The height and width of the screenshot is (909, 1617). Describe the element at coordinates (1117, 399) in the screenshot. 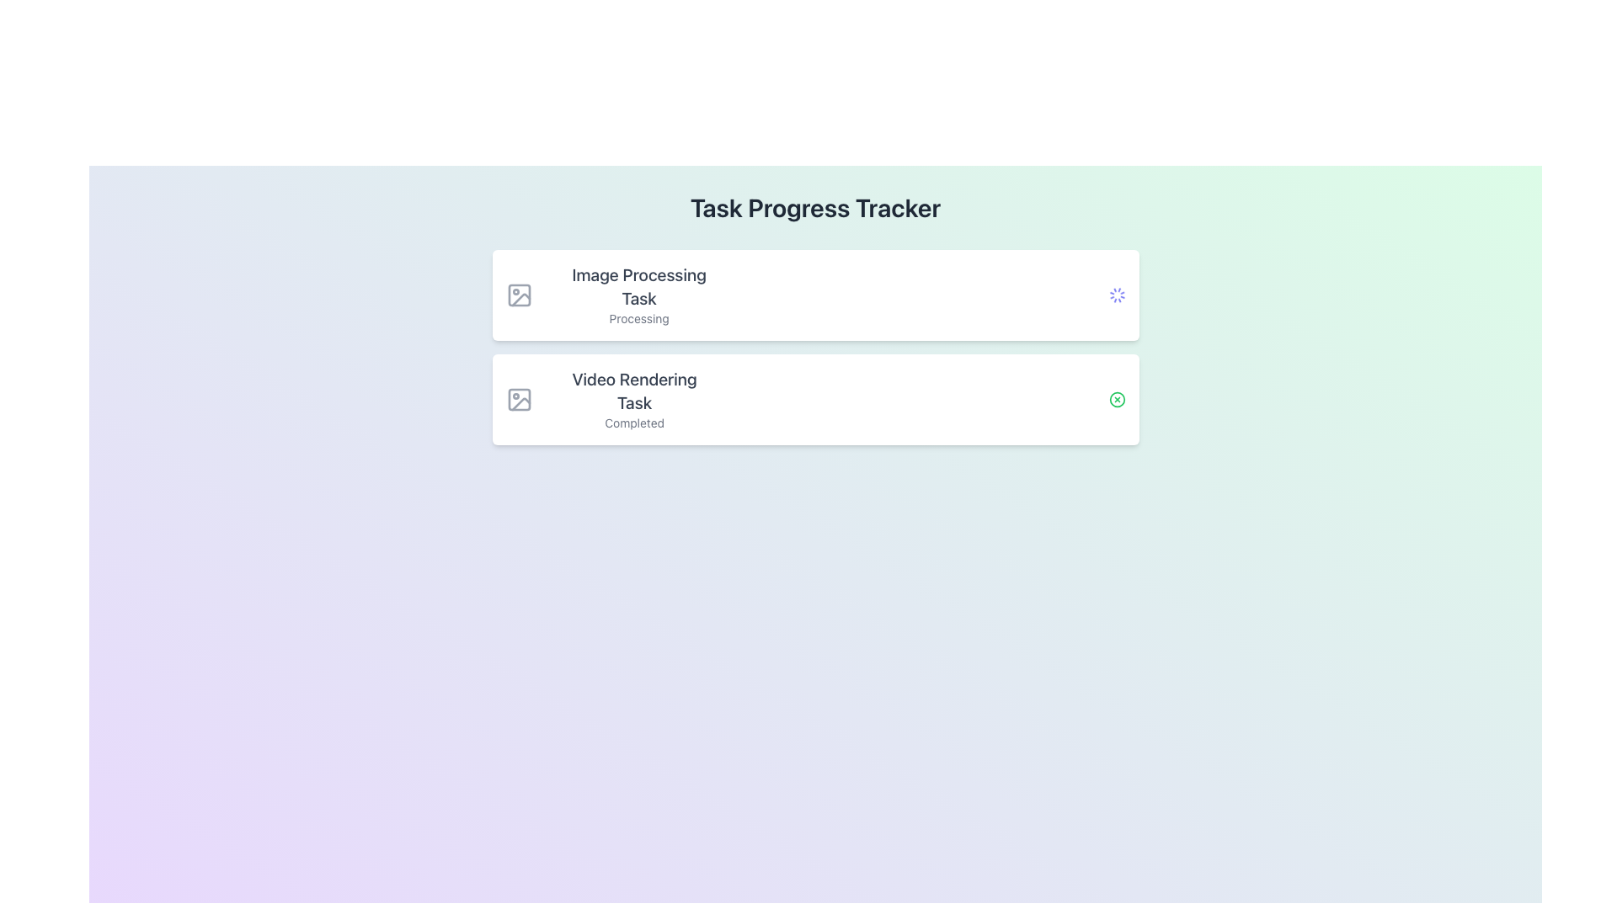

I see `the circular icon with a green outline and an embedded 'X' mark, located at the far-right end of the 'Video Rendering' task card` at that location.